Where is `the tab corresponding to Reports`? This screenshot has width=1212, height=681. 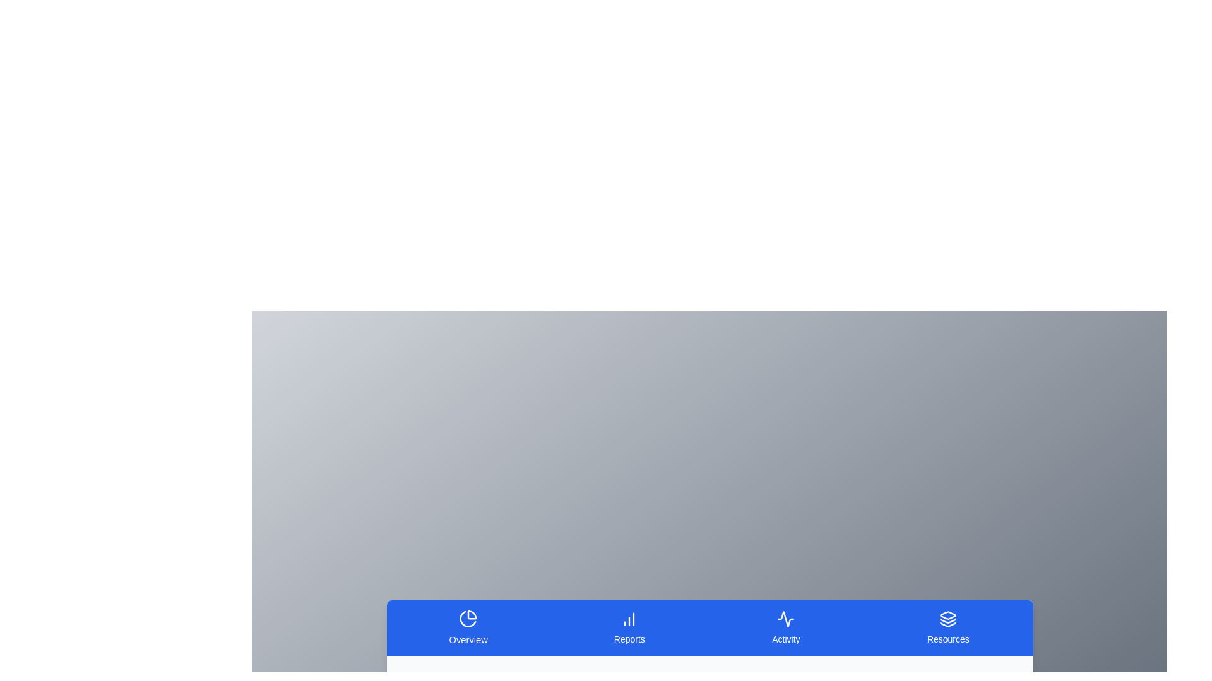
the tab corresponding to Reports is located at coordinates (629, 627).